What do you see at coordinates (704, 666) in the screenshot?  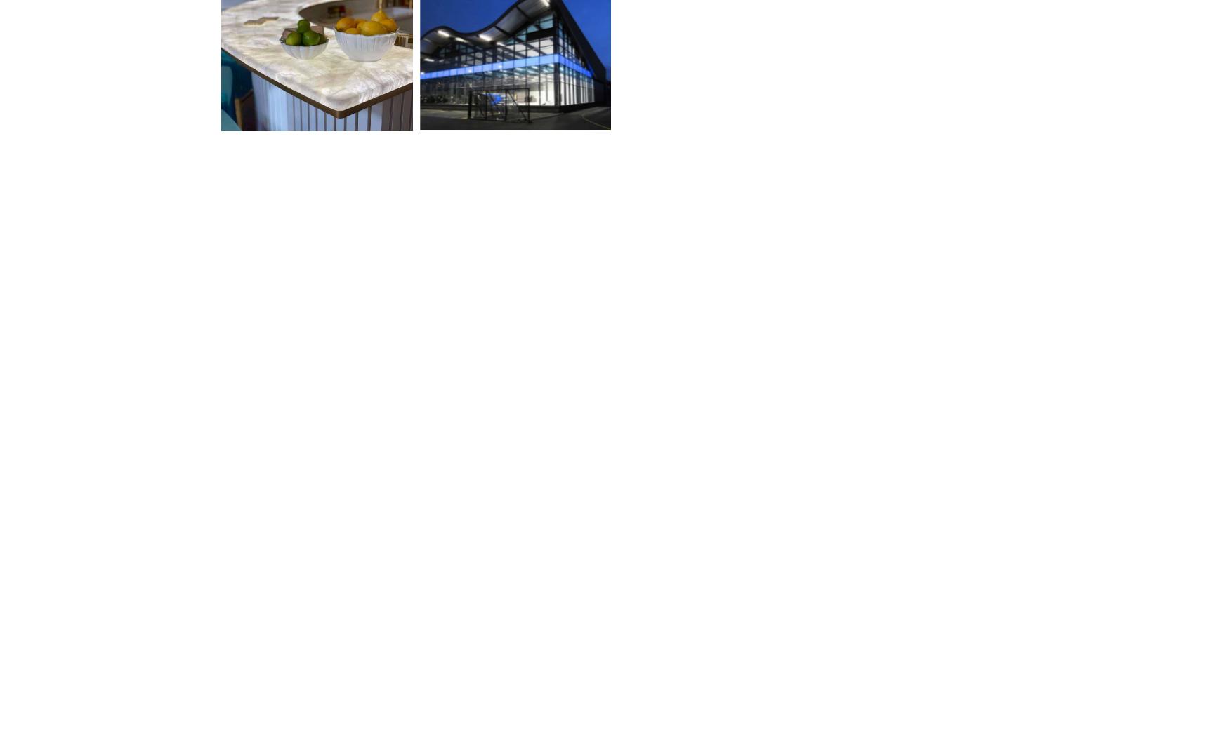 I see `'Onyx Plinth Illuminated By Addlux Lightsheet'` at bounding box center [704, 666].